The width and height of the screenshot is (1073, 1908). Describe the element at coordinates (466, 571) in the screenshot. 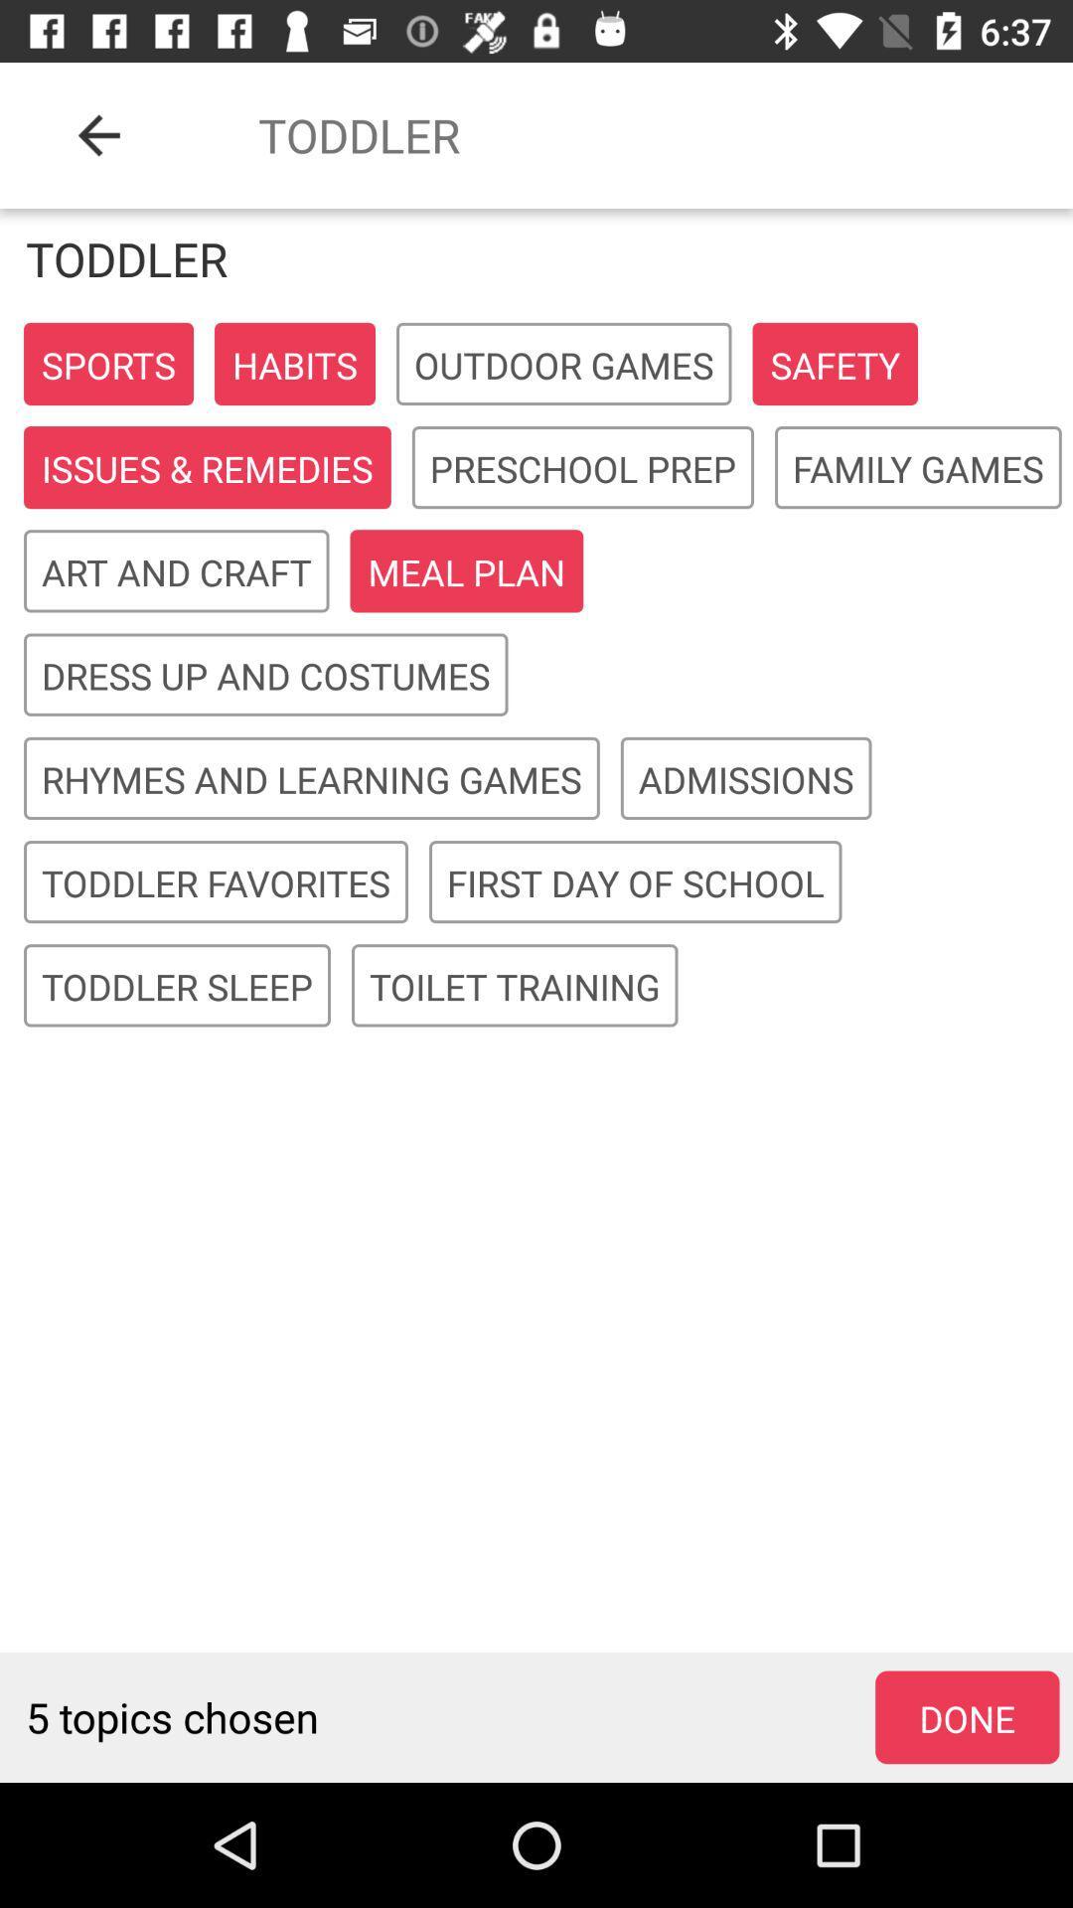

I see `the icon to the right of art and craft` at that location.